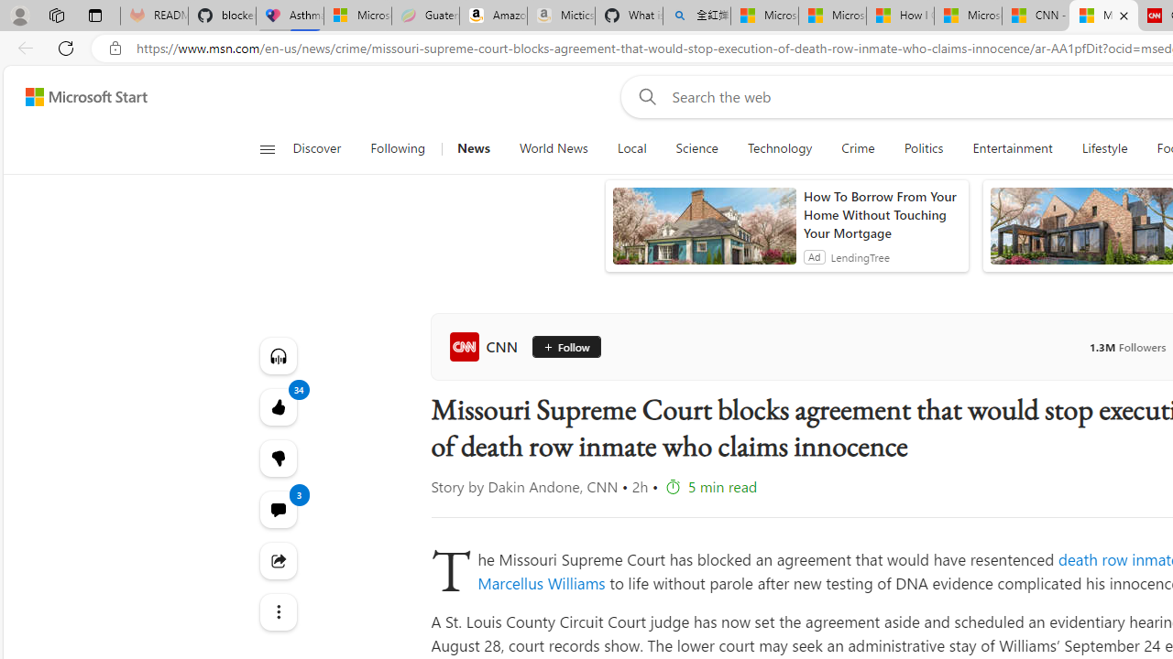  What do you see at coordinates (859, 256) in the screenshot?
I see `'LendingTree'` at bounding box center [859, 256].